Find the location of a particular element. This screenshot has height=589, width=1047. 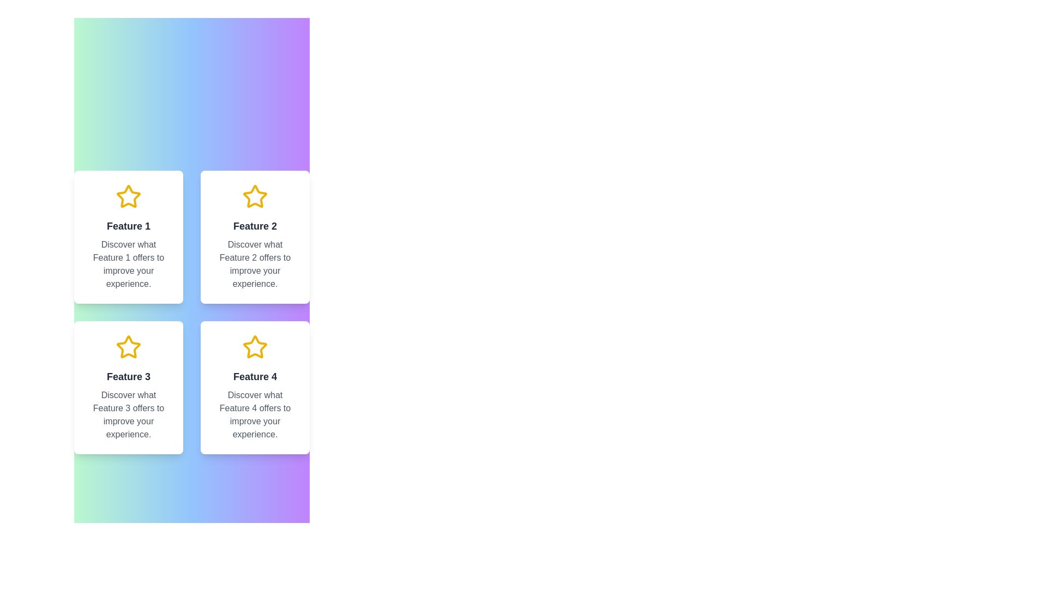

text displayed in the static label located in the second card of the grid layout, positioned below the star icon and above the descriptive text is located at coordinates (254, 226).